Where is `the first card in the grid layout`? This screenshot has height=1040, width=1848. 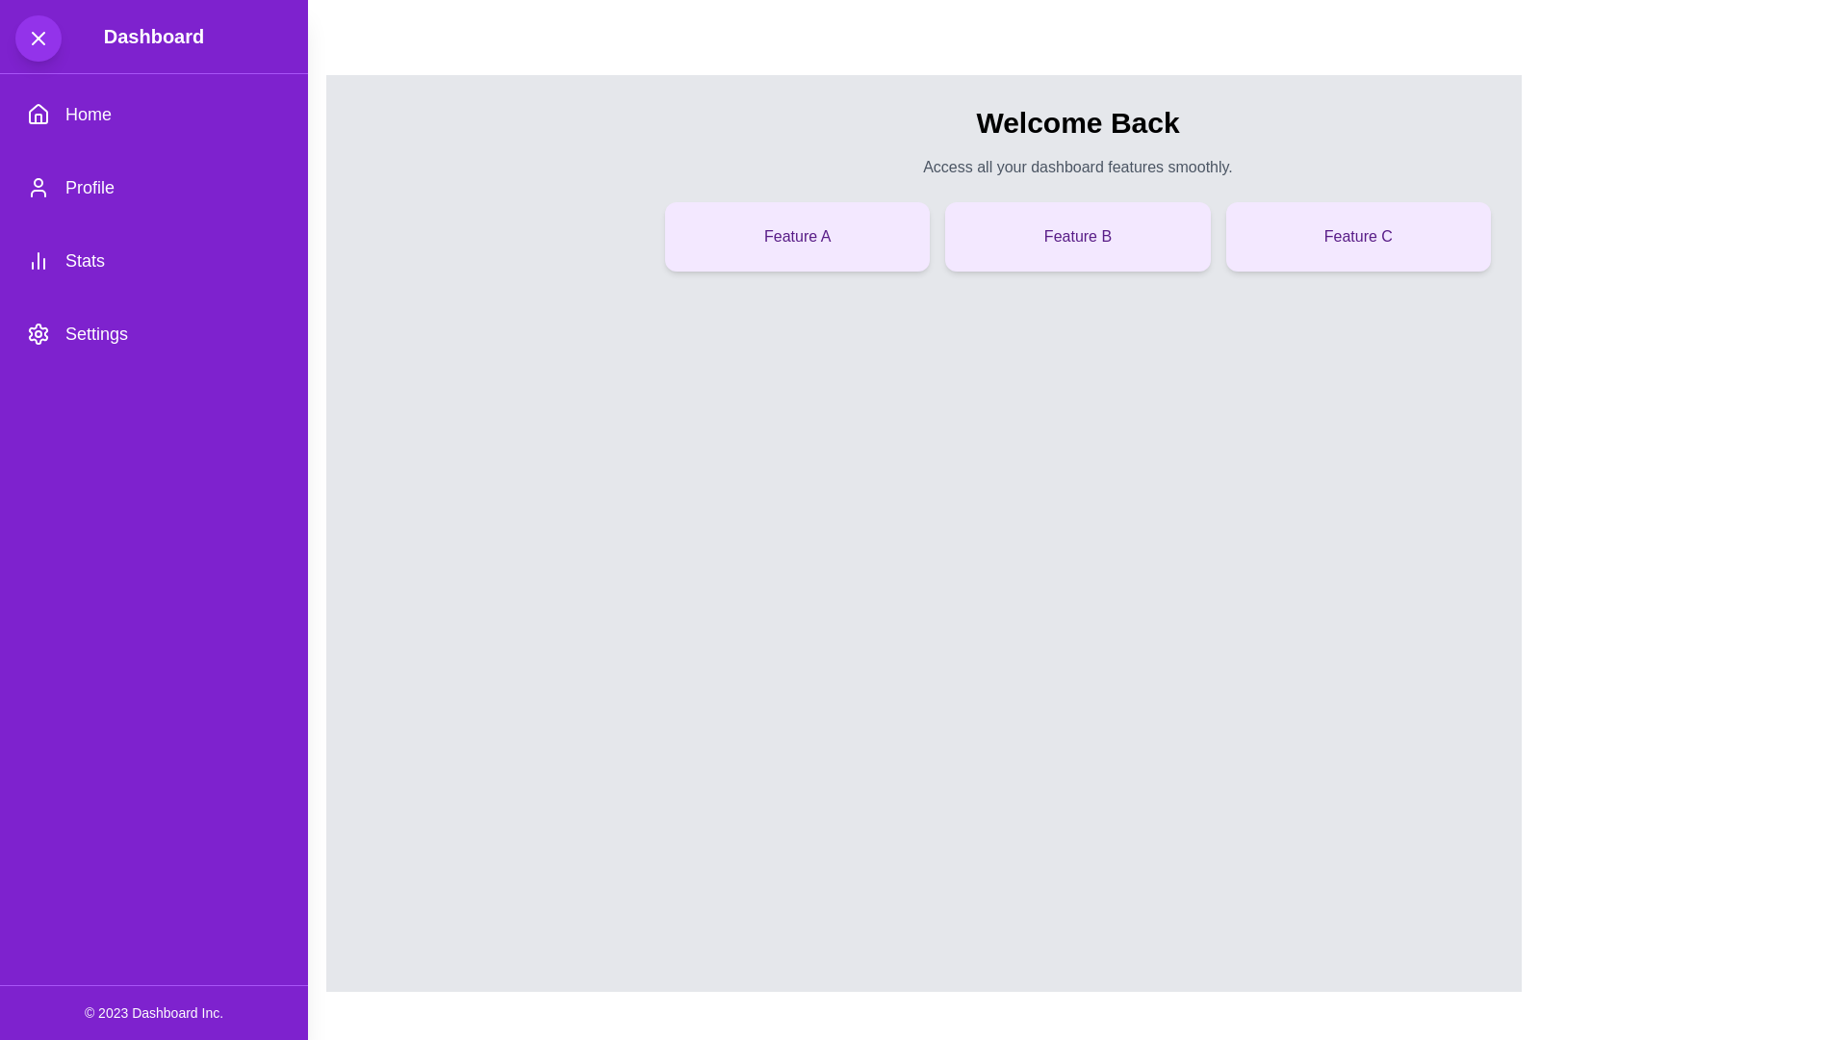
the first card in the grid layout is located at coordinates (797, 236).